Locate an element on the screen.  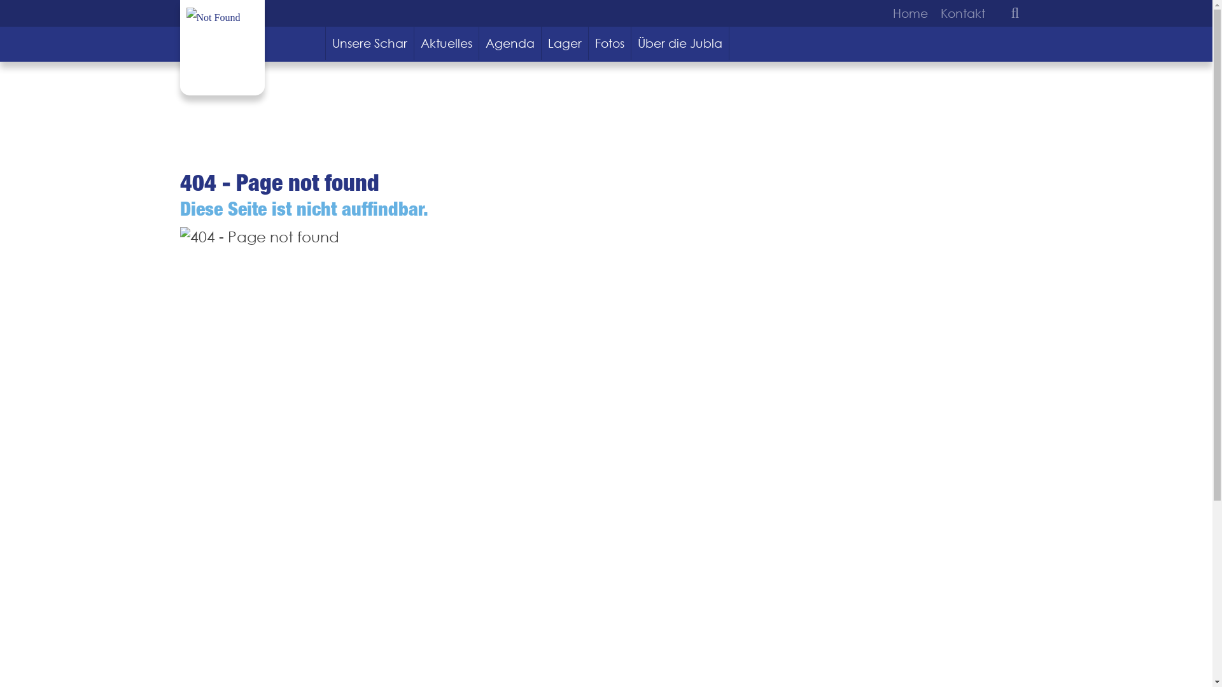
'Agenda' is located at coordinates (510, 43).